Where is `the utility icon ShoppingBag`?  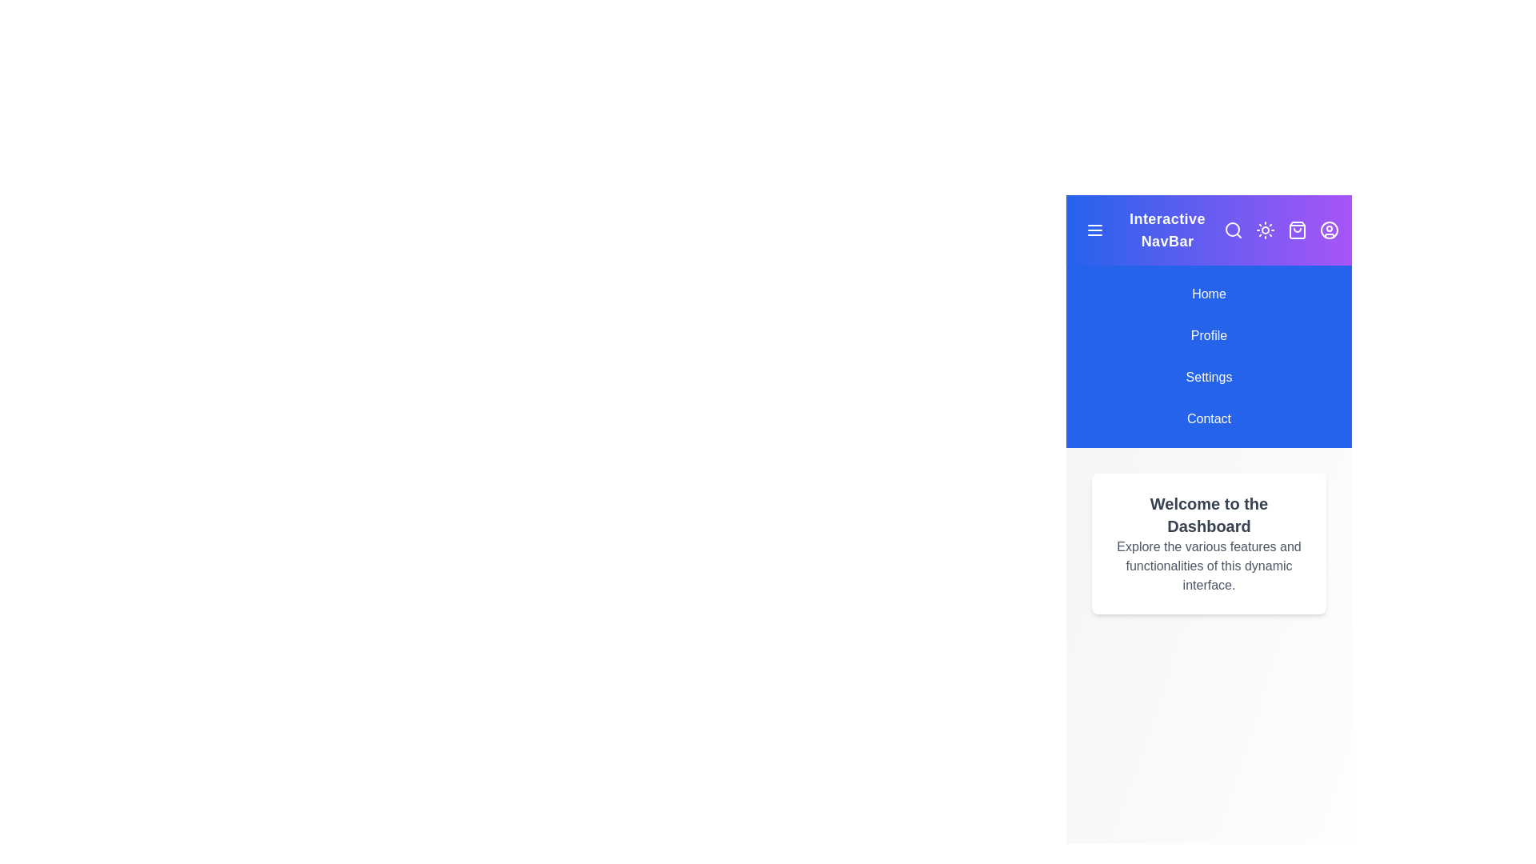
the utility icon ShoppingBag is located at coordinates (1298, 230).